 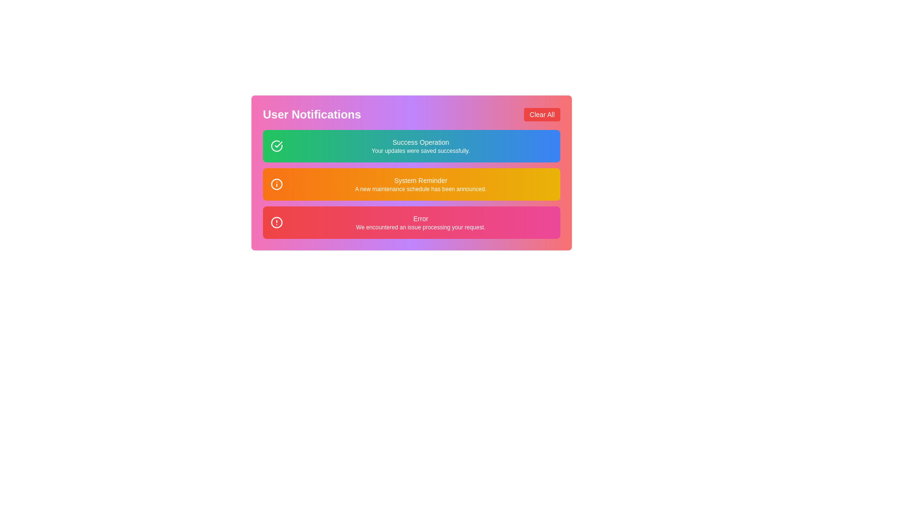 What do you see at coordinates (278, 144) in the screenshot?
I see `checkmark icon located within the green notification card titled 'Success Operation', positioned near the top edge on the left side` at bounding box center [278, 144].